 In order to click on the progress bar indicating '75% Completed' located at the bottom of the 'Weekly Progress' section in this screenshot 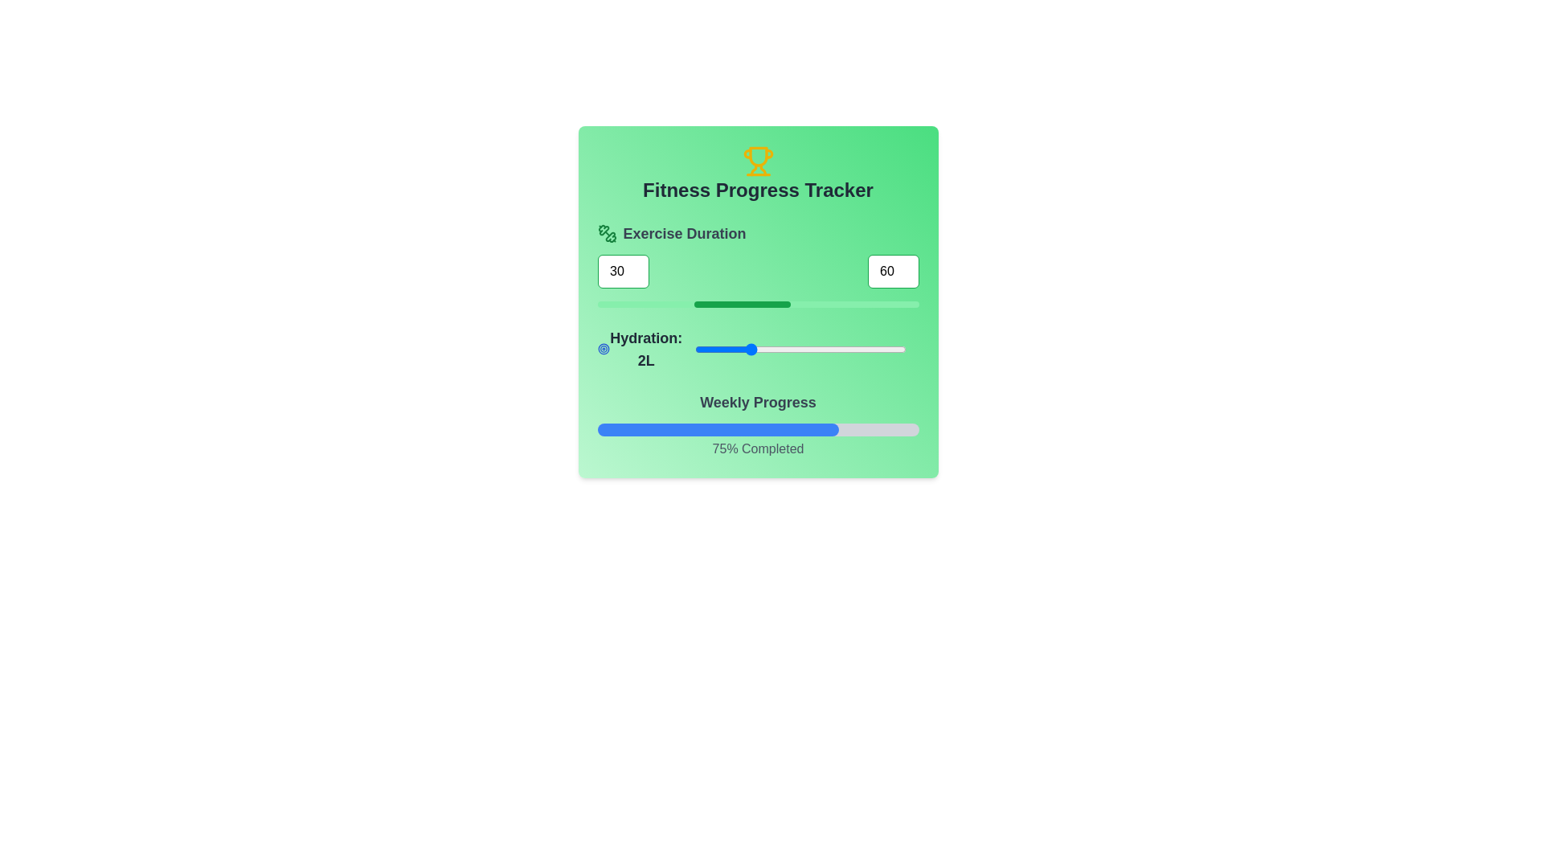, I will do `click(757, 429)`.